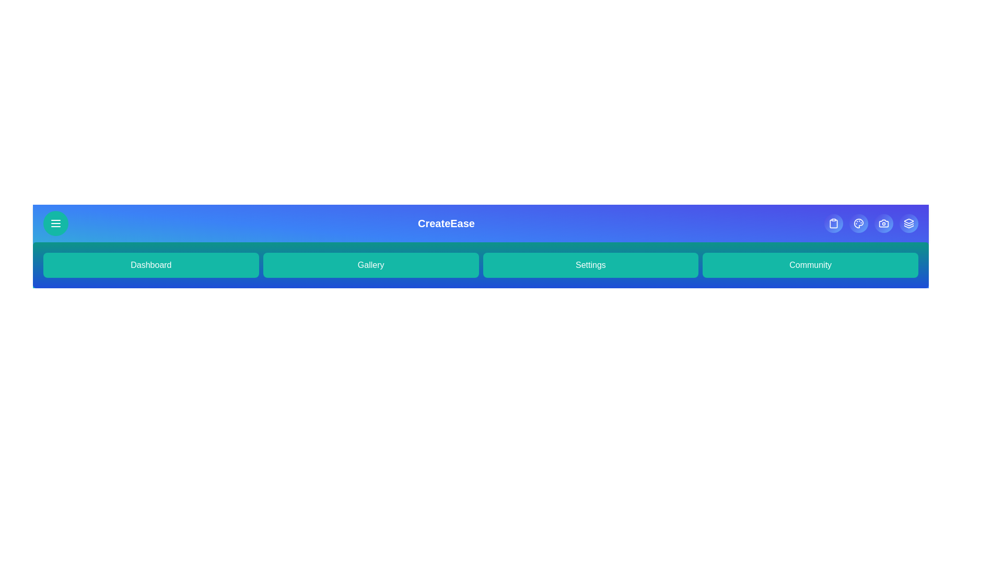 The height and width of the screenshot is (564, 1003). Describe the element at coordinates (446, 223) in the screenshot. I see `the title text 'CreateEase' visually` at that location.